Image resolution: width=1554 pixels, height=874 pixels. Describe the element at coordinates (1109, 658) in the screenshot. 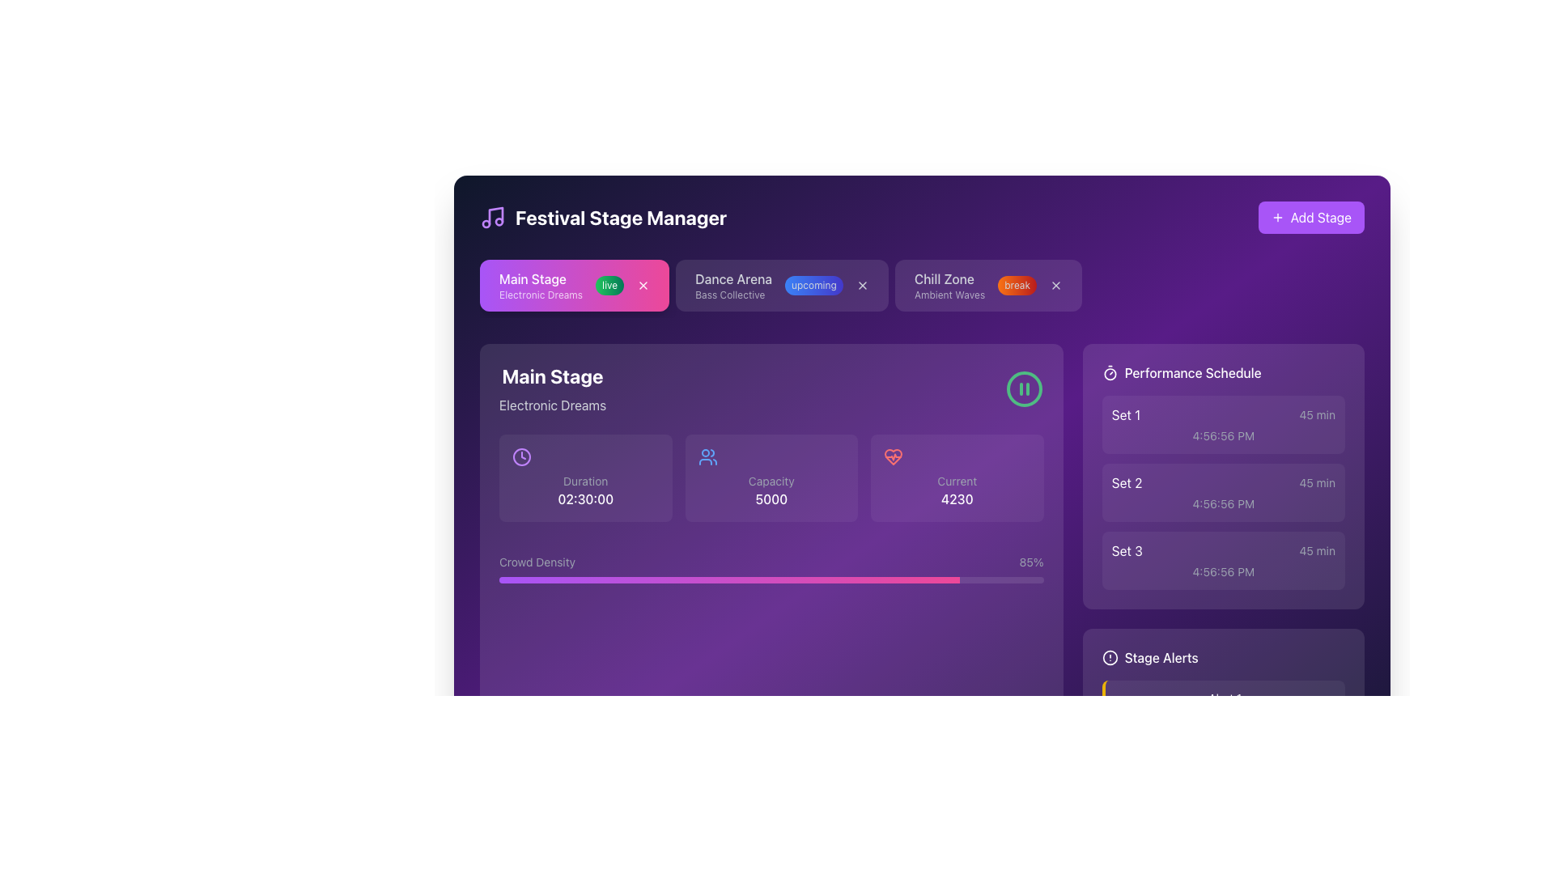

I see `the warning indicator icon located in the 'Stage Alerts' section, positioned left of the 'Stage Alerts' text` at that location.